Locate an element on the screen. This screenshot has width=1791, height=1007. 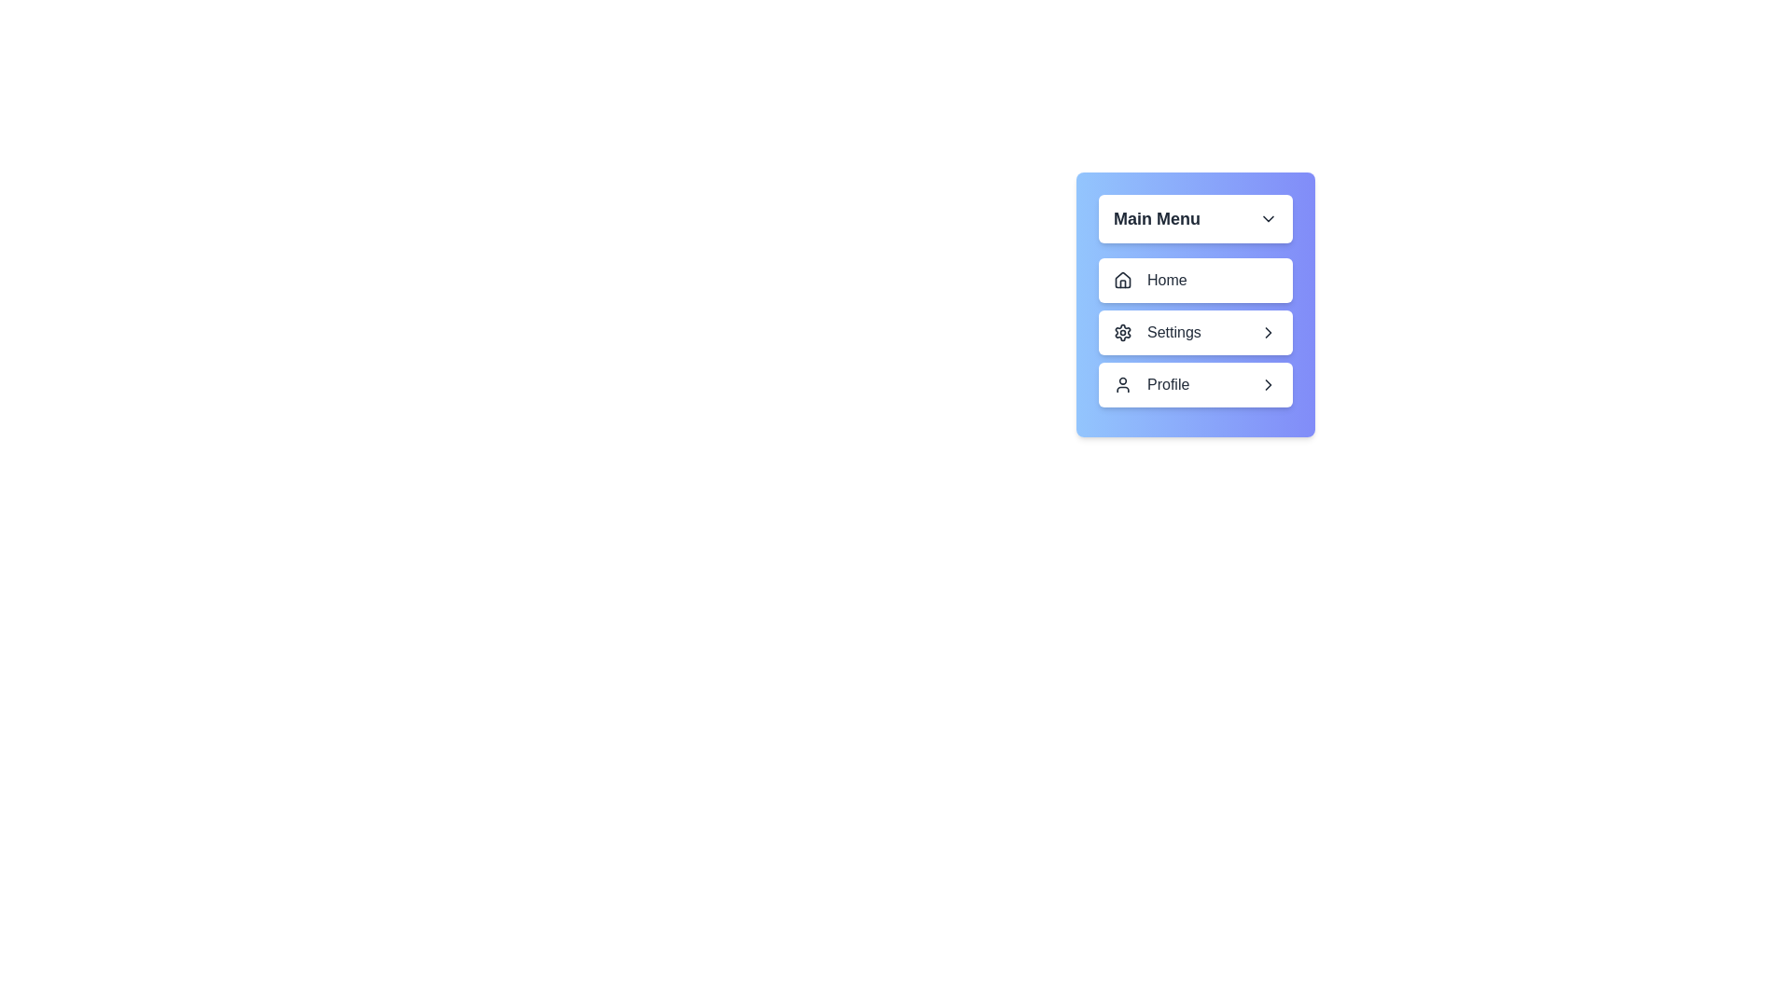
the submenu option Notifications under the menu item Profile is located at coordinates (1195, 383).